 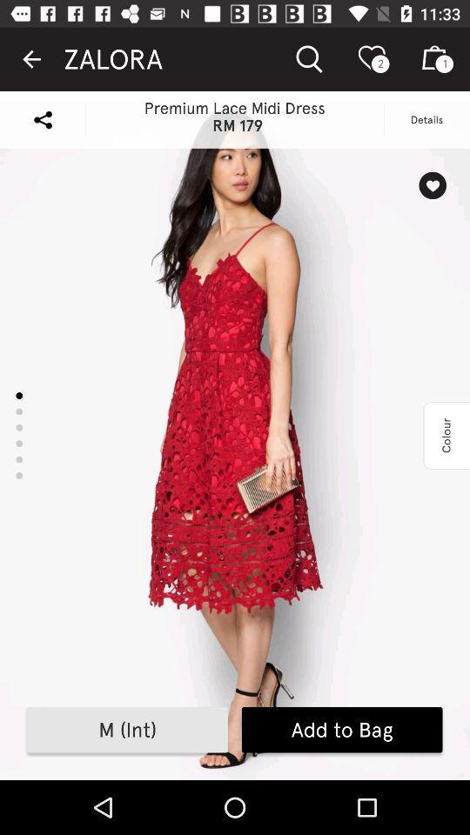 I want to click on heart this dress, so click(x=432, y=185).